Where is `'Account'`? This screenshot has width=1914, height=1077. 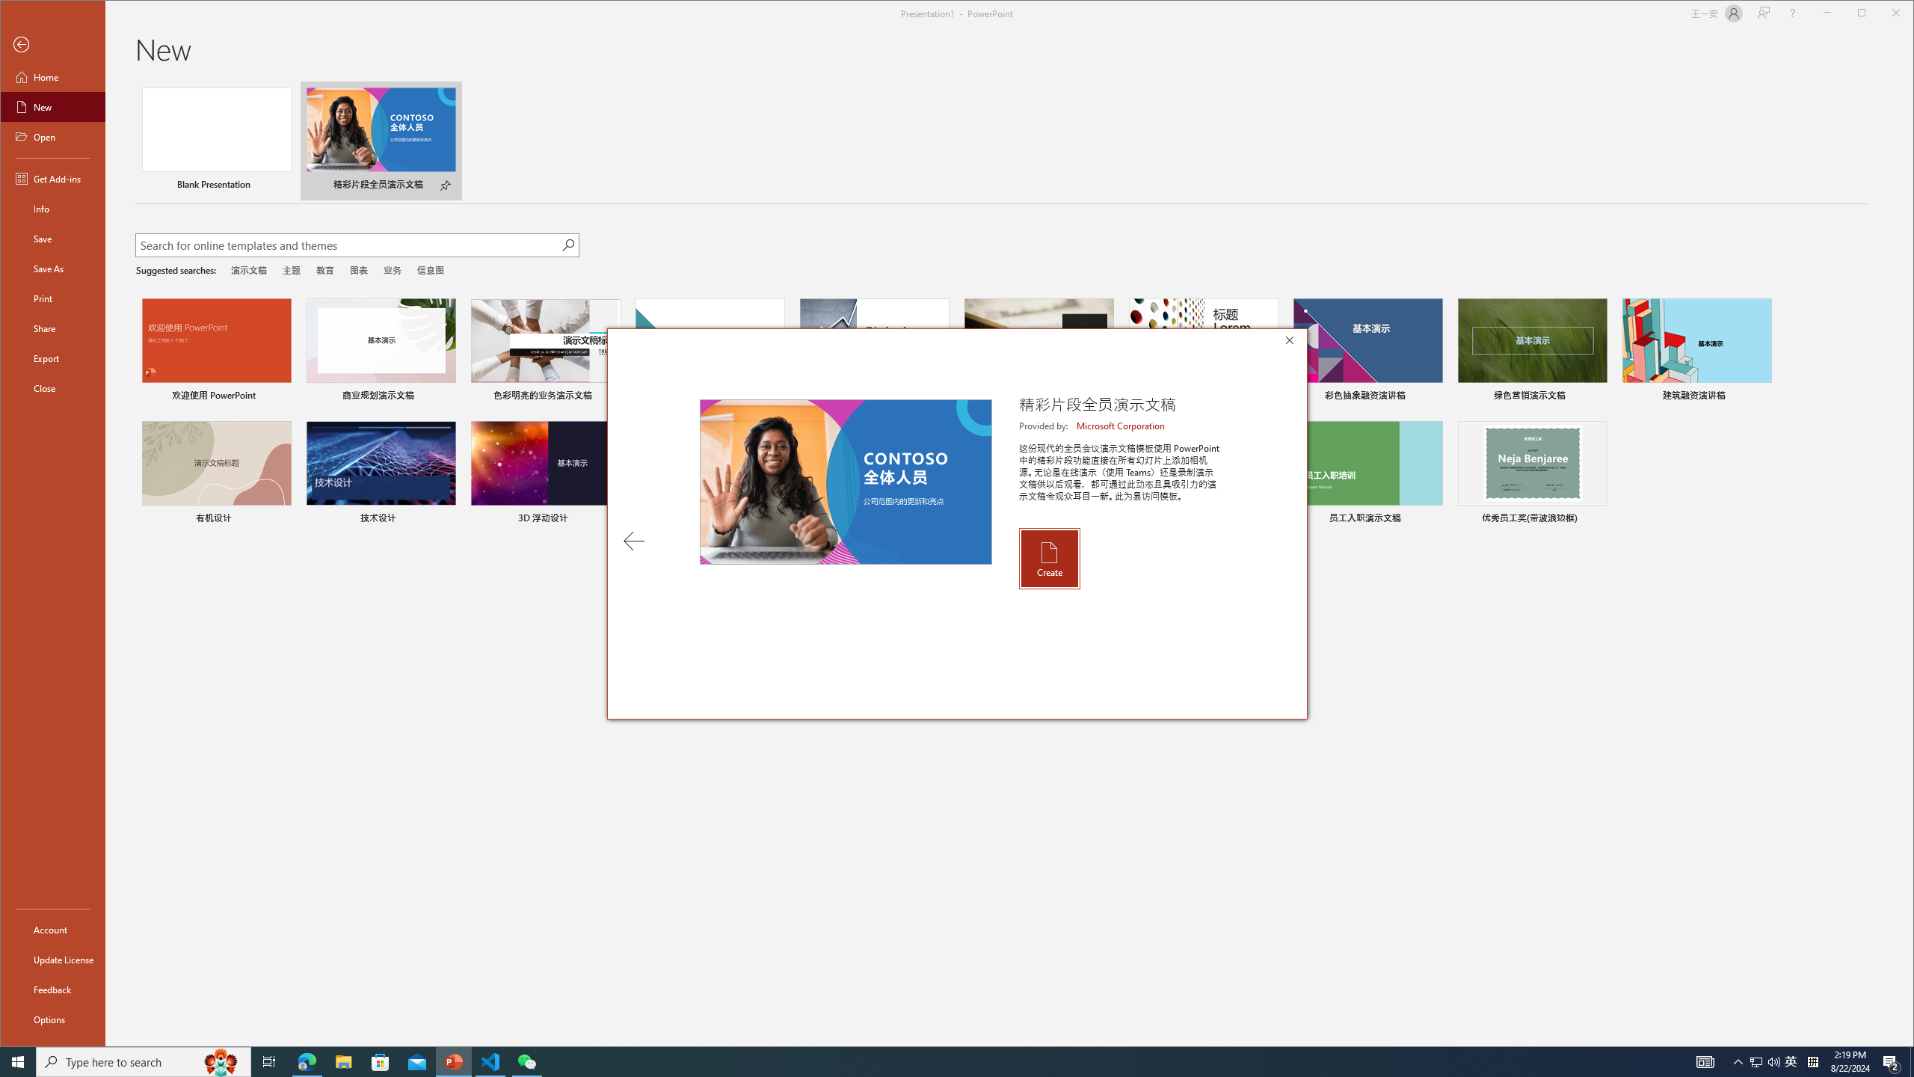
'Account' is located at coordinates (52, 928).